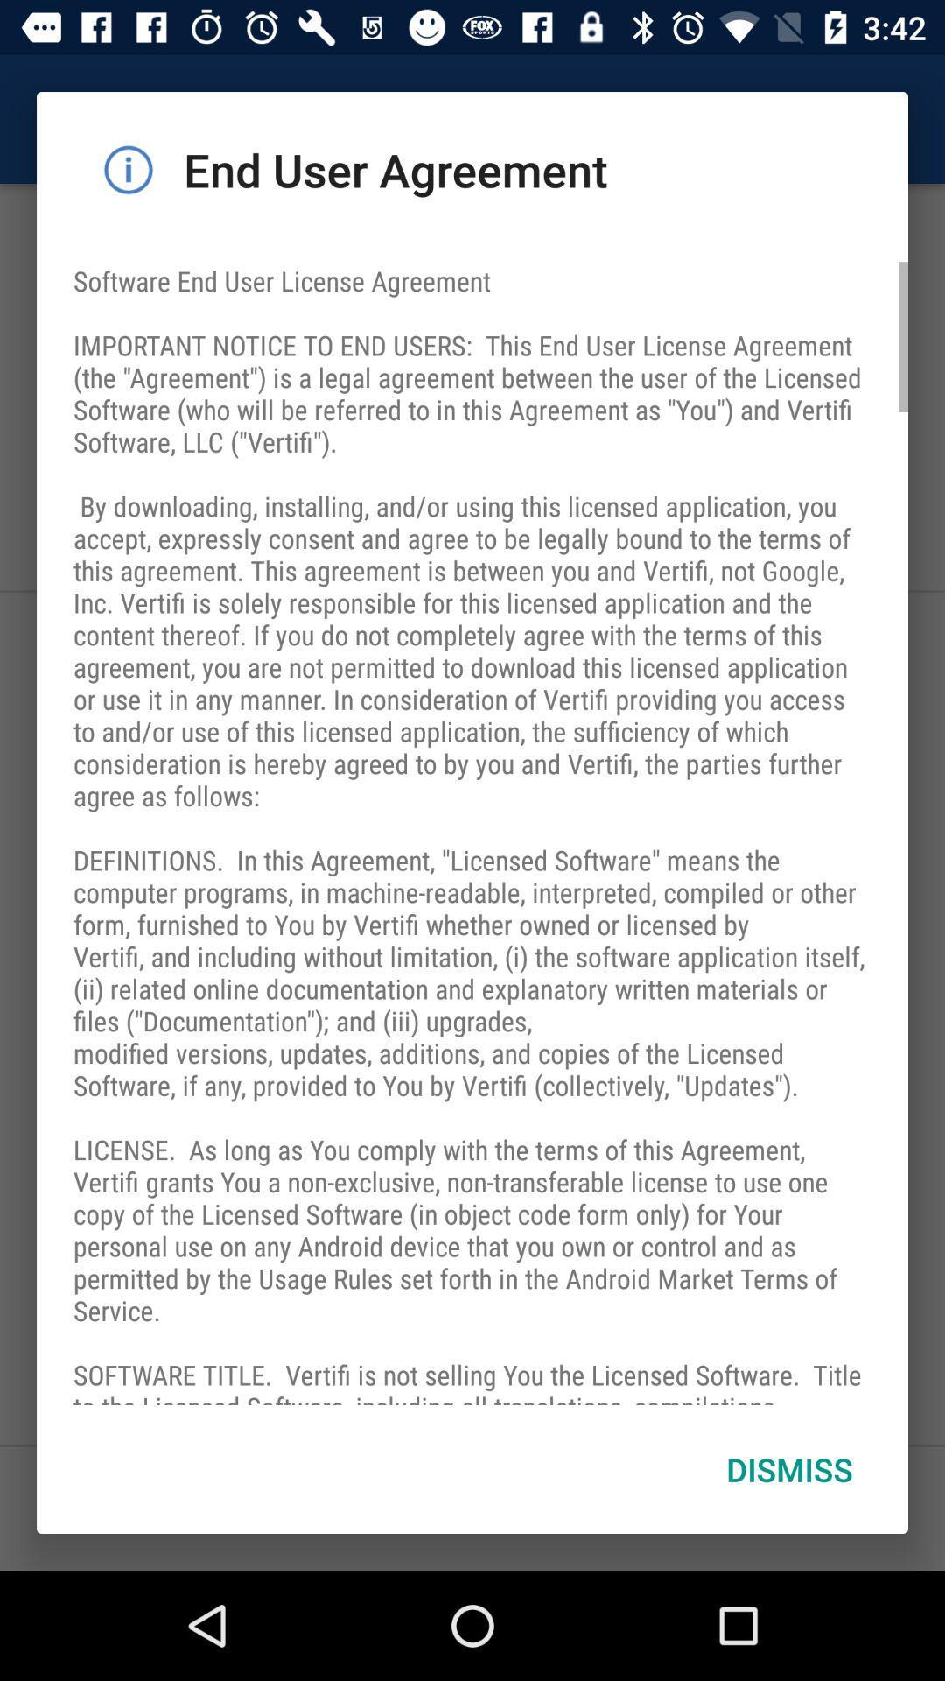 This screenshot has height=1681, width=945. What do you see at coordinates (789, 1469) in the screenshot?
I see `the dismiss item` at bounding box center [789, 1469].